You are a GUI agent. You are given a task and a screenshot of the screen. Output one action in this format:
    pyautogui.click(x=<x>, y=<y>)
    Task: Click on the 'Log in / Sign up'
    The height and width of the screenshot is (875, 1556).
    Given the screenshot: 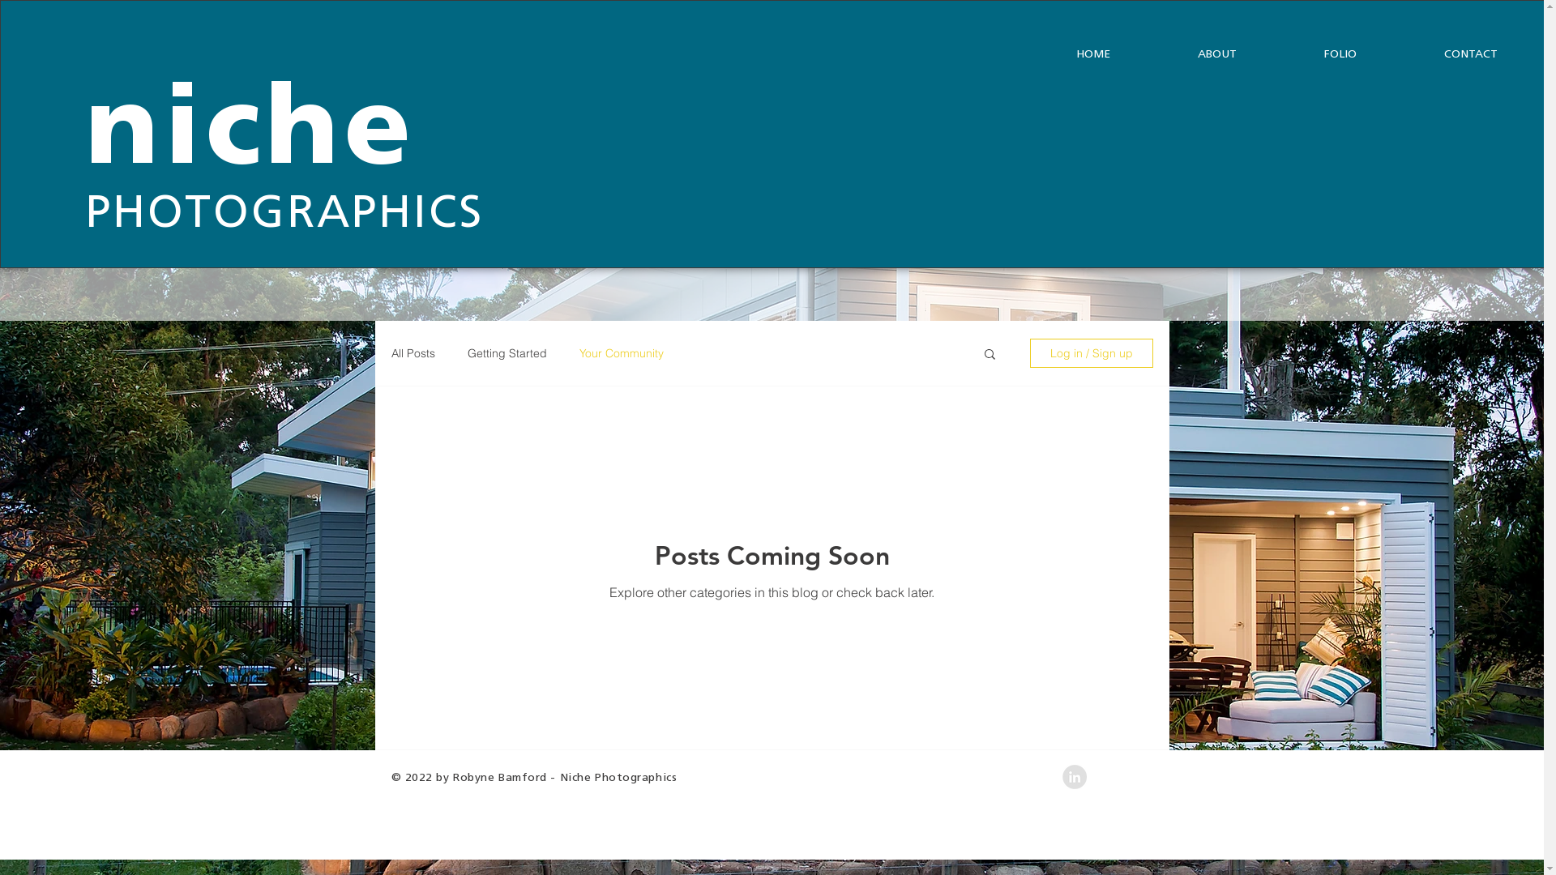 What is the action you would take?
    pyautogui.click(x=1028, y=352)
    